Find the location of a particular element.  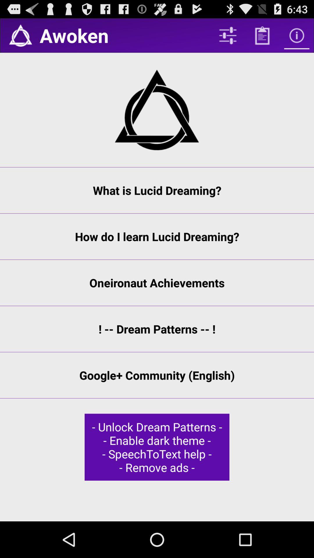

copy to clipboard is located at coordinates (262, 35).